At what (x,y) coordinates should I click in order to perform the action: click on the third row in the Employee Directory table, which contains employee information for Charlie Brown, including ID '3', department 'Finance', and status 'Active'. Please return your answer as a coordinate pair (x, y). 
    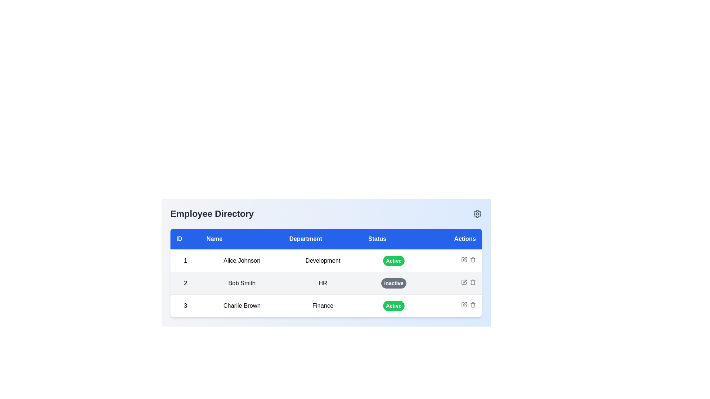
    Looking at the image, I should click on (326, 306).